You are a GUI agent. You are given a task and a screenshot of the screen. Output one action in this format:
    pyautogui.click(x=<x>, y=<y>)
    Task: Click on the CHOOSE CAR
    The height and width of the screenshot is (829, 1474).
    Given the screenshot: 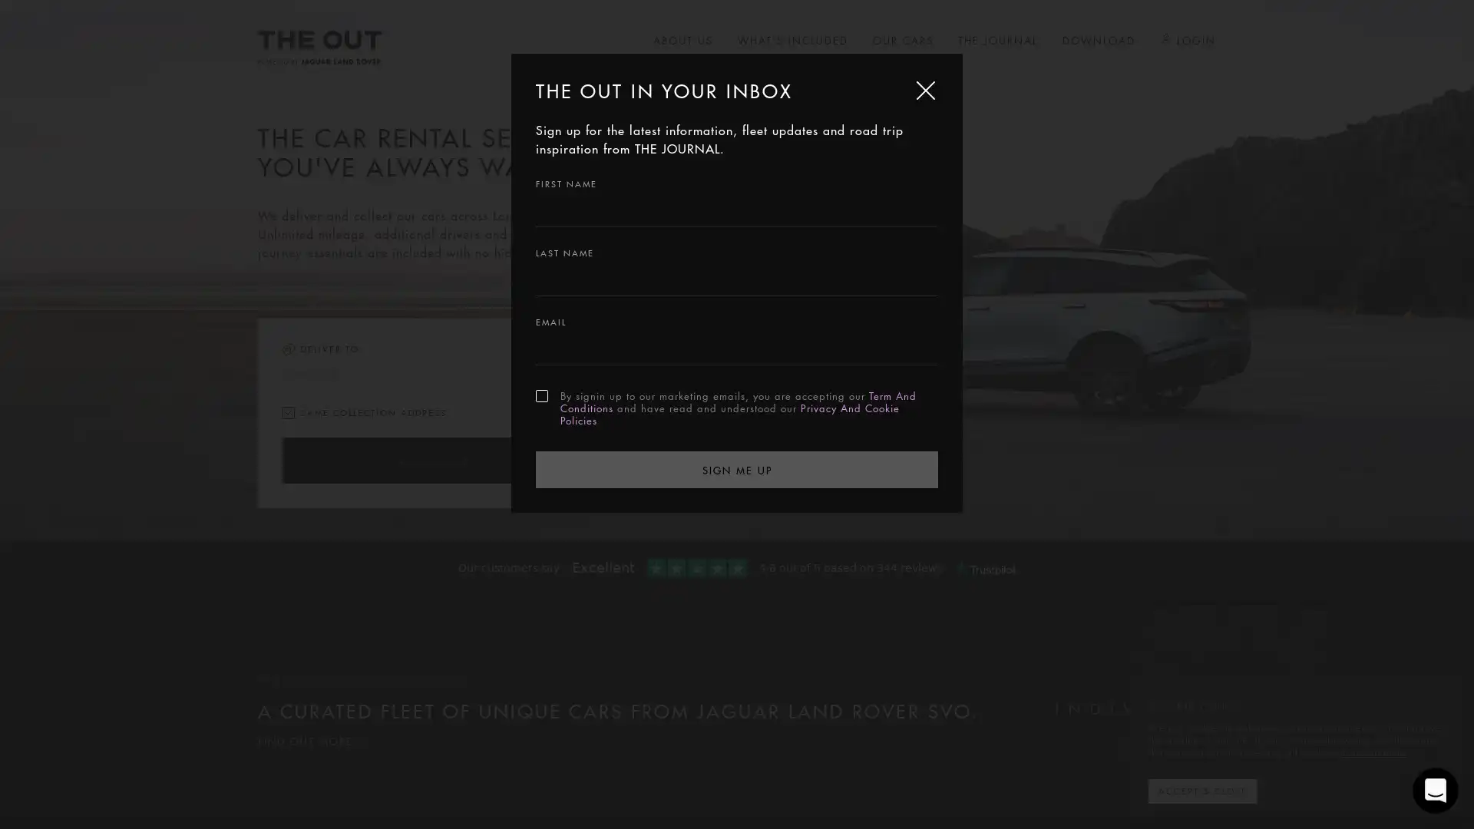 What is the action you would take?
    pyautogui.click(x=430, y=460)
    